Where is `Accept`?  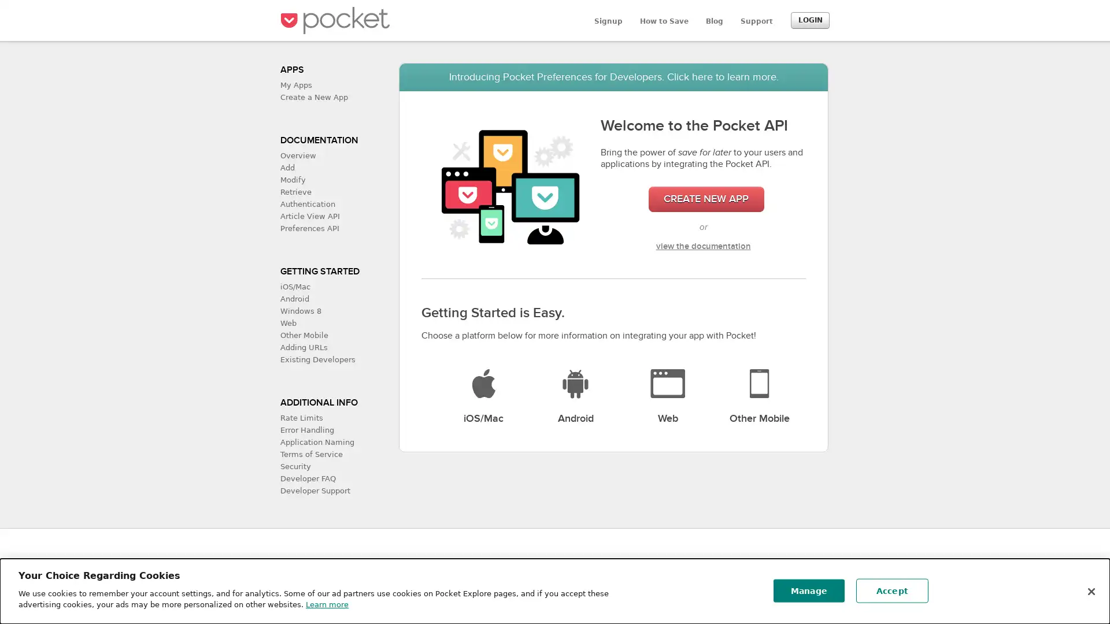 Accept is located at coordinates (891, 590).